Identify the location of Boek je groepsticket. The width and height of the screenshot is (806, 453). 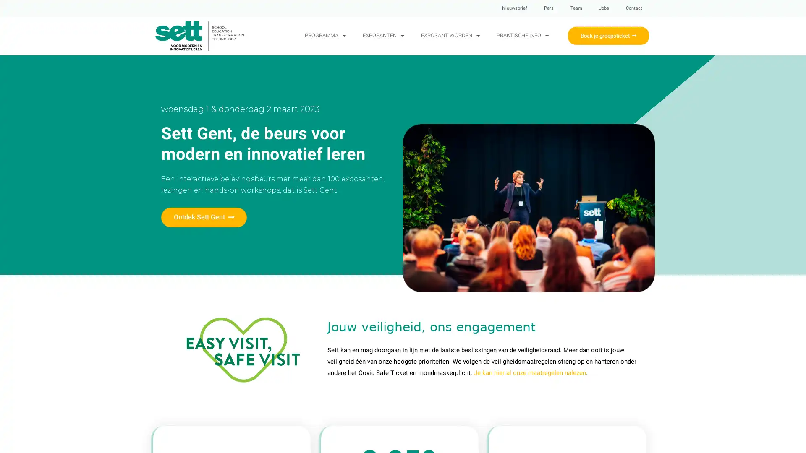
(608, 35).